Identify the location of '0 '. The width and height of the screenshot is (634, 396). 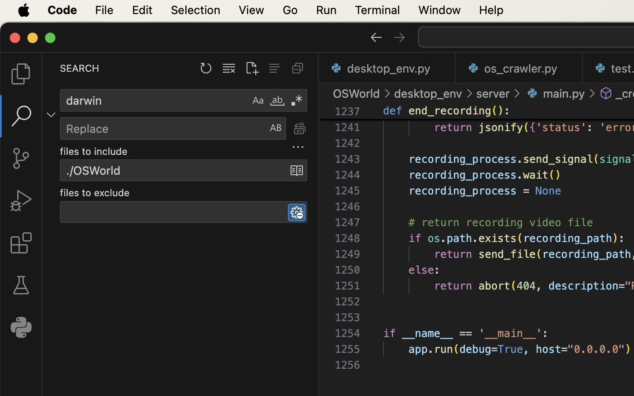
(20, 285).